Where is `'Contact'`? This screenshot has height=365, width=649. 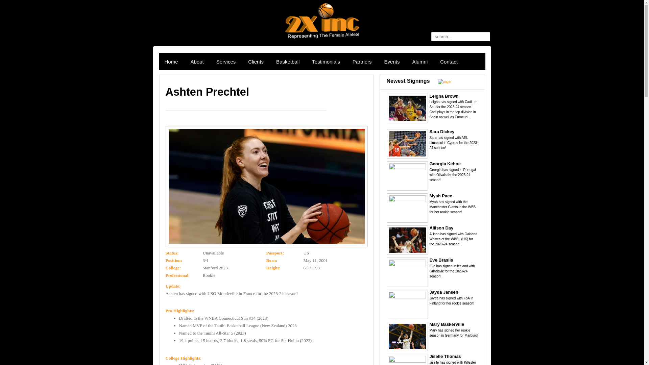 'Contact' is located at coordinates (449, 62).